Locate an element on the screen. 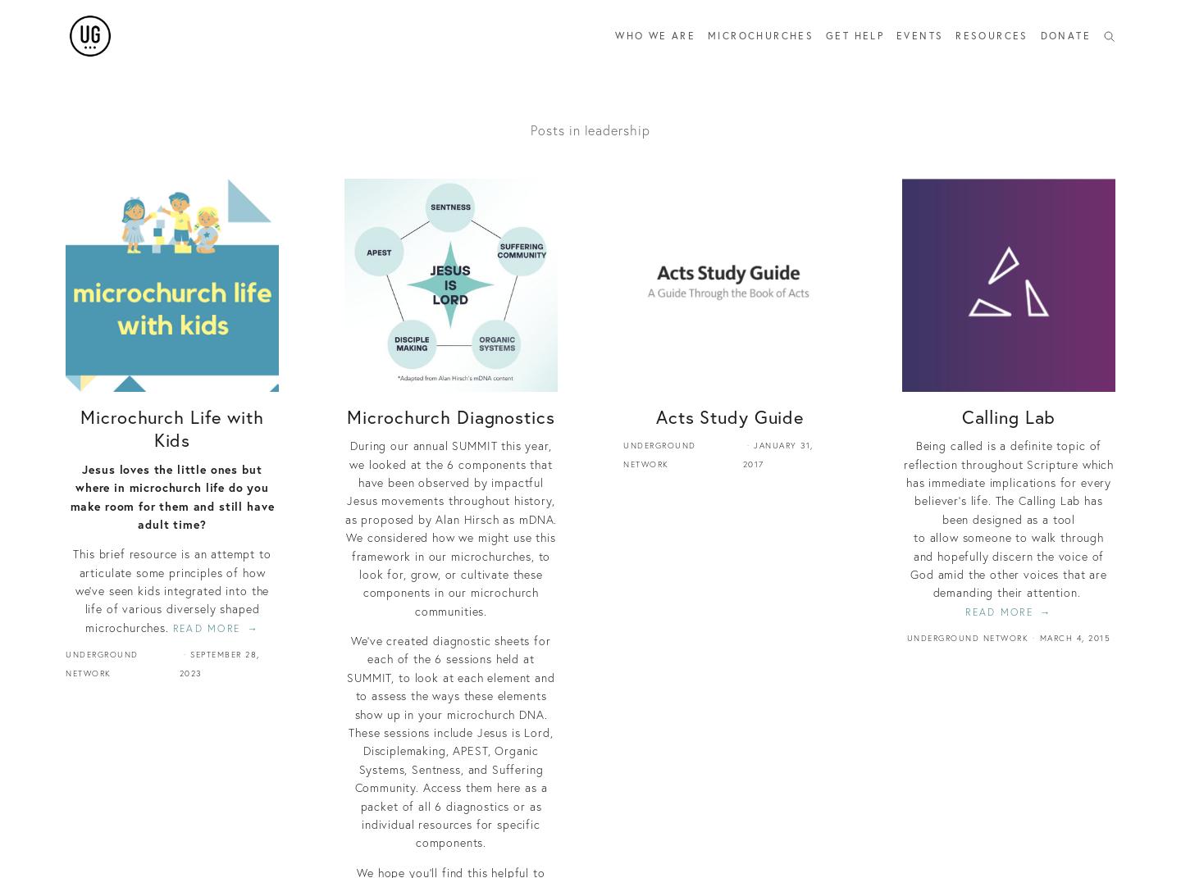 The height and width of the screenshot is (878, 1181). 'Jesus loves the little ones but where in microchurch life do you make room for them and still have adult time?' is located at coordinates (171, 496).